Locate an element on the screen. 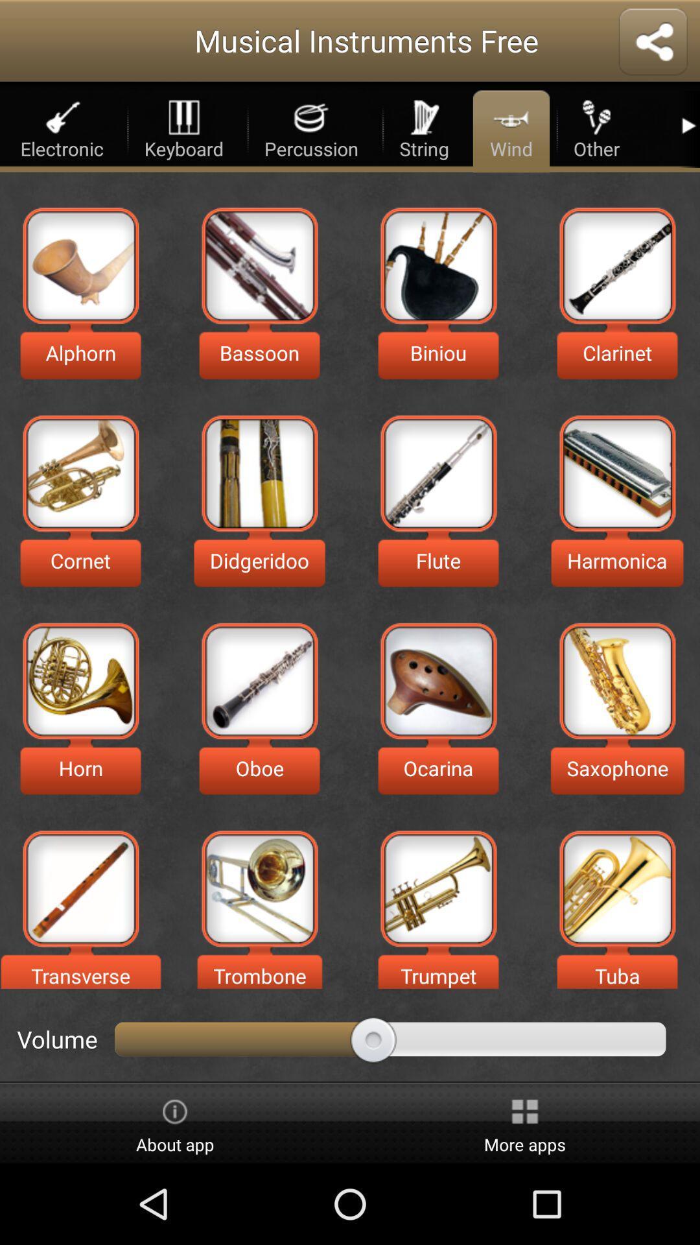 Image resolution: width=700 pixels, height=1245 pixels. didgeridoo option is located at coordinates (259, 473).